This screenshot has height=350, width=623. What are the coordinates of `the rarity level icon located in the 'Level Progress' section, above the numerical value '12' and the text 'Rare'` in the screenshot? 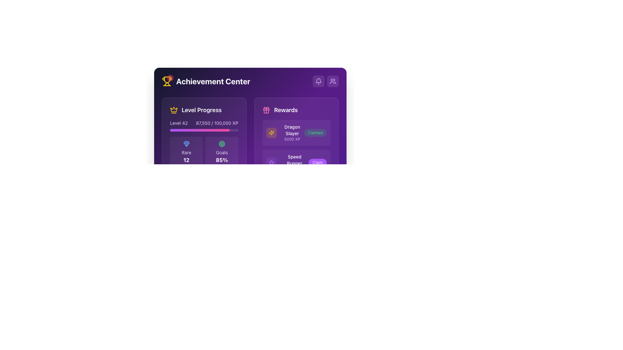 It's located at (186, 143).